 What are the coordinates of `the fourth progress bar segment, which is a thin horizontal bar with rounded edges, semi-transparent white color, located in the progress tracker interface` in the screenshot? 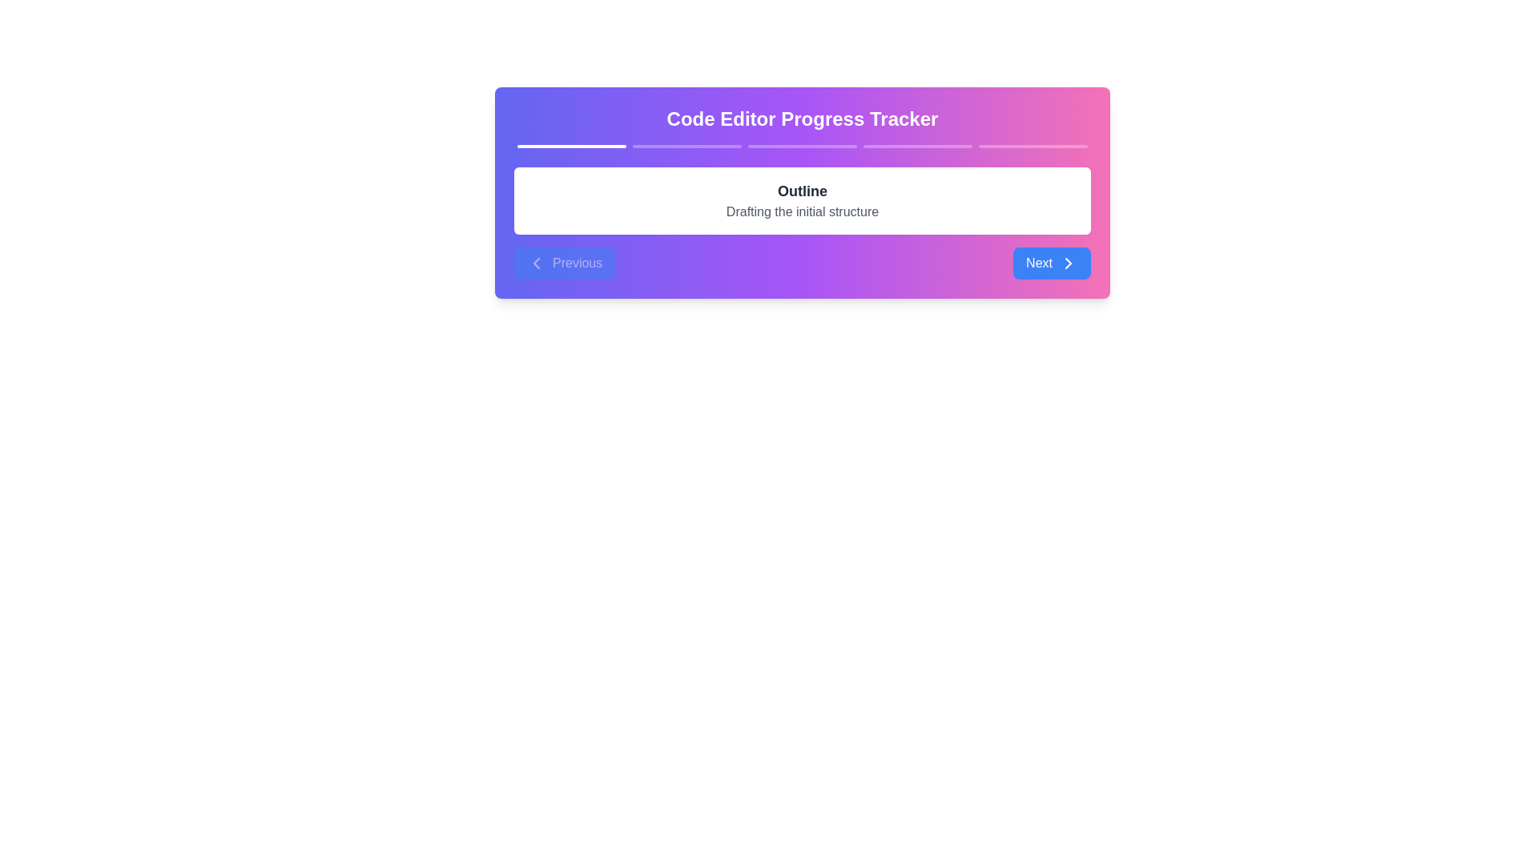 It's located at (918, 146).